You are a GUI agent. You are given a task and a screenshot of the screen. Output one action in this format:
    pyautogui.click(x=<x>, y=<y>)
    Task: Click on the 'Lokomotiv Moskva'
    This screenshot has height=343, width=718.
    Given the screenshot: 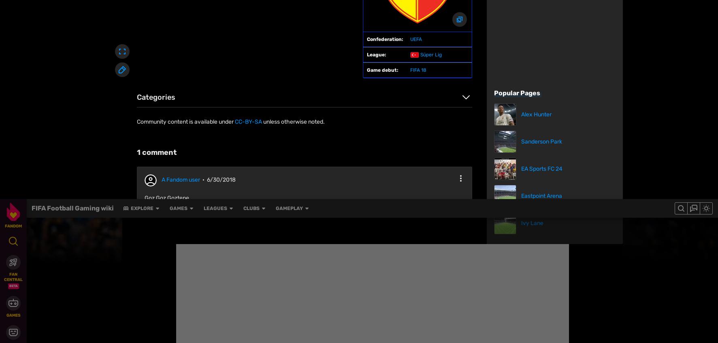 What is the action you would take?
    pyautogui.click(x=494, y=221)
    